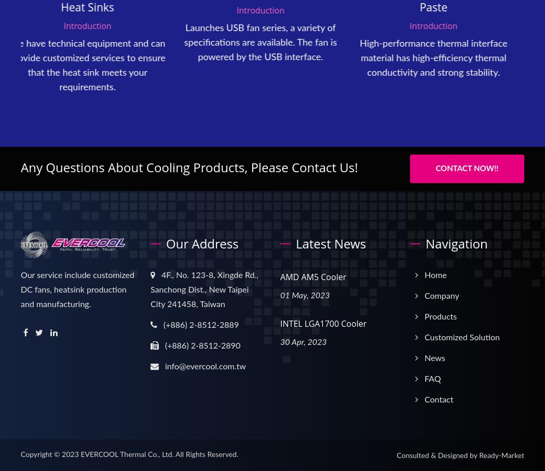 The width and height of the screenshot is (545, 471). I want to click on '4F., No. 123-8, Xingde Rd., Sanchong Dist., New Taipei City 241458, Taiwan', so click(204, 289).